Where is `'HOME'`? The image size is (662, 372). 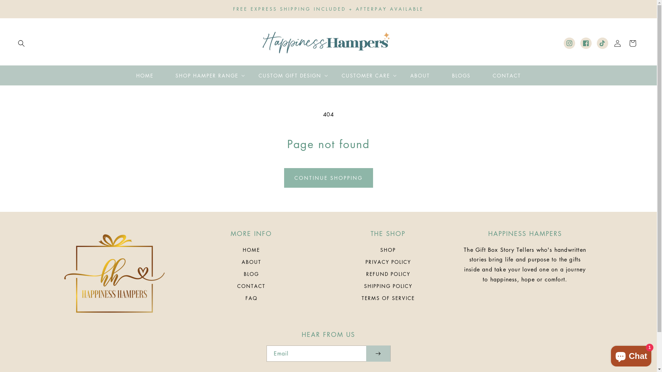
'HOME' is located at coordinates (251, 251).